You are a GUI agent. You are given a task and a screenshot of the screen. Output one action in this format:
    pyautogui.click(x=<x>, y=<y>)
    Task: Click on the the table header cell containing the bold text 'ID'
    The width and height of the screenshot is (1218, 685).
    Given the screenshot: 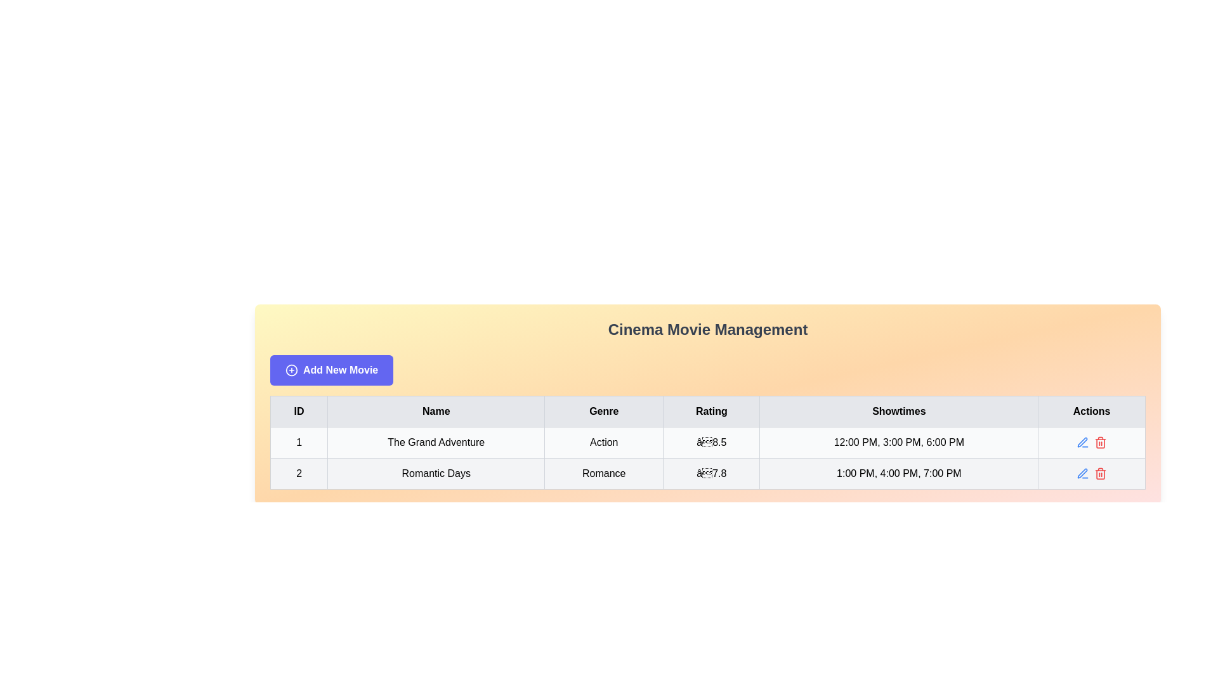 What is the action you would take?
    pyautogui.click(x=298, y=411)
    